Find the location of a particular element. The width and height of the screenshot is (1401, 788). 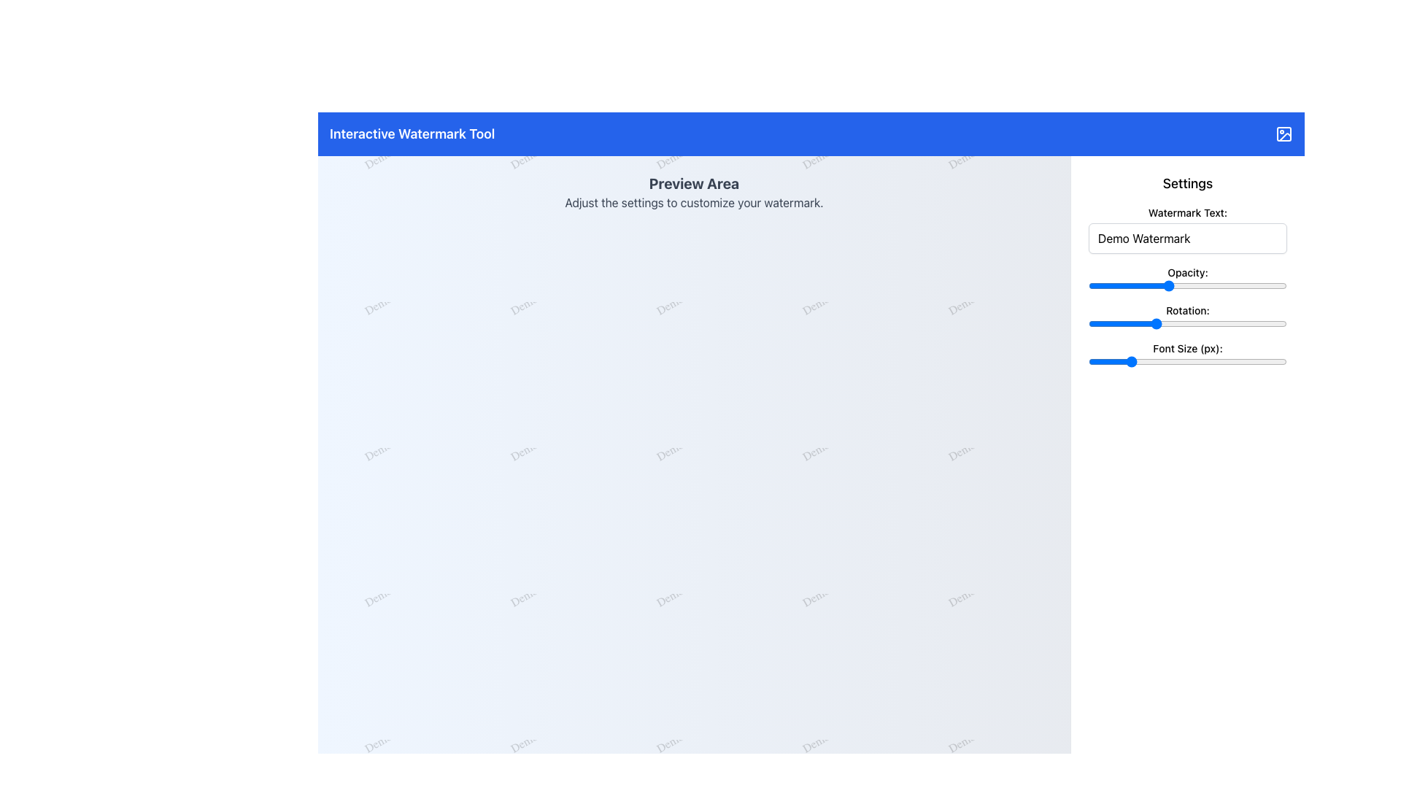

the rotation value of the slider is located at coordinates (1217, 322).